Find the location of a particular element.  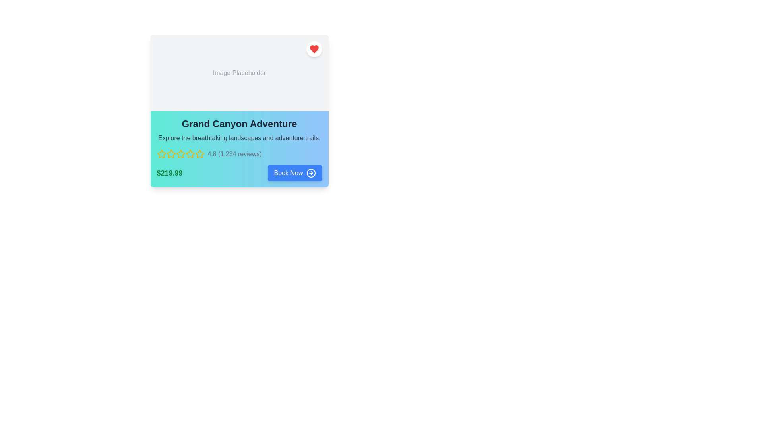

the last yellow outlined star icon in the row of rating stars beneath the '4.8 (1,234 reviews)' text on the adventure information card is located at coordinates (199, 154).